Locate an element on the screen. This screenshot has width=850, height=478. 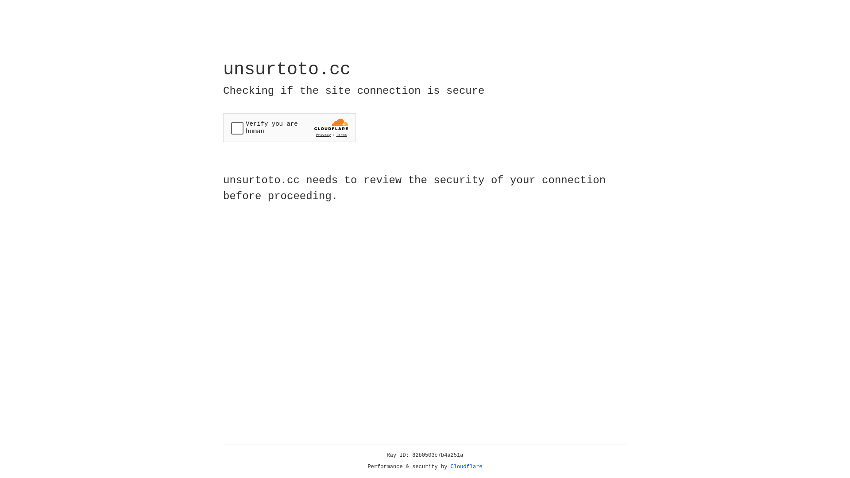
'Cloudflare' is located at coordinates (466, 466).